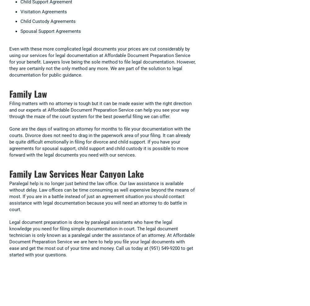  Describe the element at coordinates (100, 141) in the screenshot. I see `'Gone are the days of waiting on attorney for months to file your documentation with the courts. Divorce does not need to drag in the paperwork area of your filing. It can already be quite difficult emotionally in filing for divorce and child support. If you have your agreements for spousal support, child support and child custody it is possible to move forward with the legal documents you need with our services.'` at that location.